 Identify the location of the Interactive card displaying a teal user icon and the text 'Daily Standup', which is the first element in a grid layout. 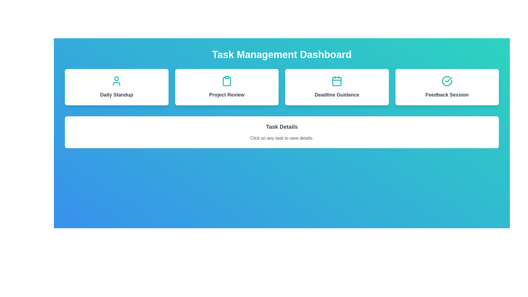
(116, 87).